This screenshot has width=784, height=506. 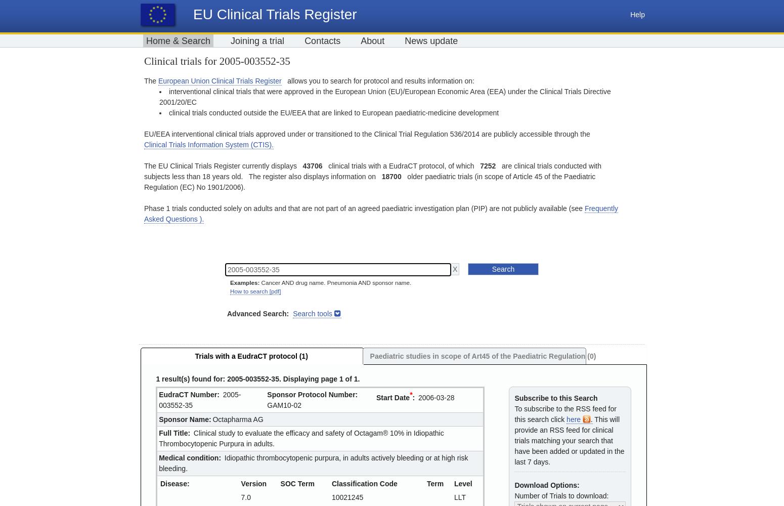 What do you see at coordinates (313, 462) in the screenshot?
I see `'Idiopathic thrombocytopenic purpura, in adults actively bleeding or at high risk bleeding.'` at bounding box center [313, 462].